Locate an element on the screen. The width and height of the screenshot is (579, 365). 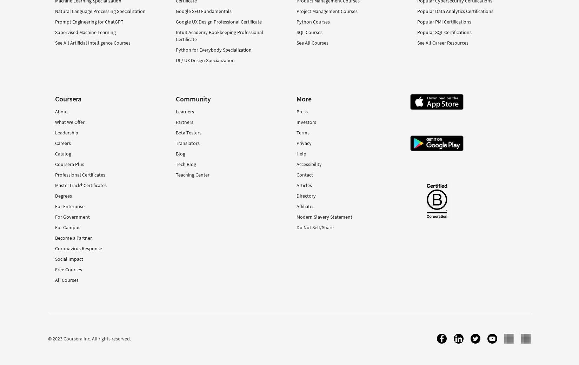
'Help' is located at coordinates (301, 153).